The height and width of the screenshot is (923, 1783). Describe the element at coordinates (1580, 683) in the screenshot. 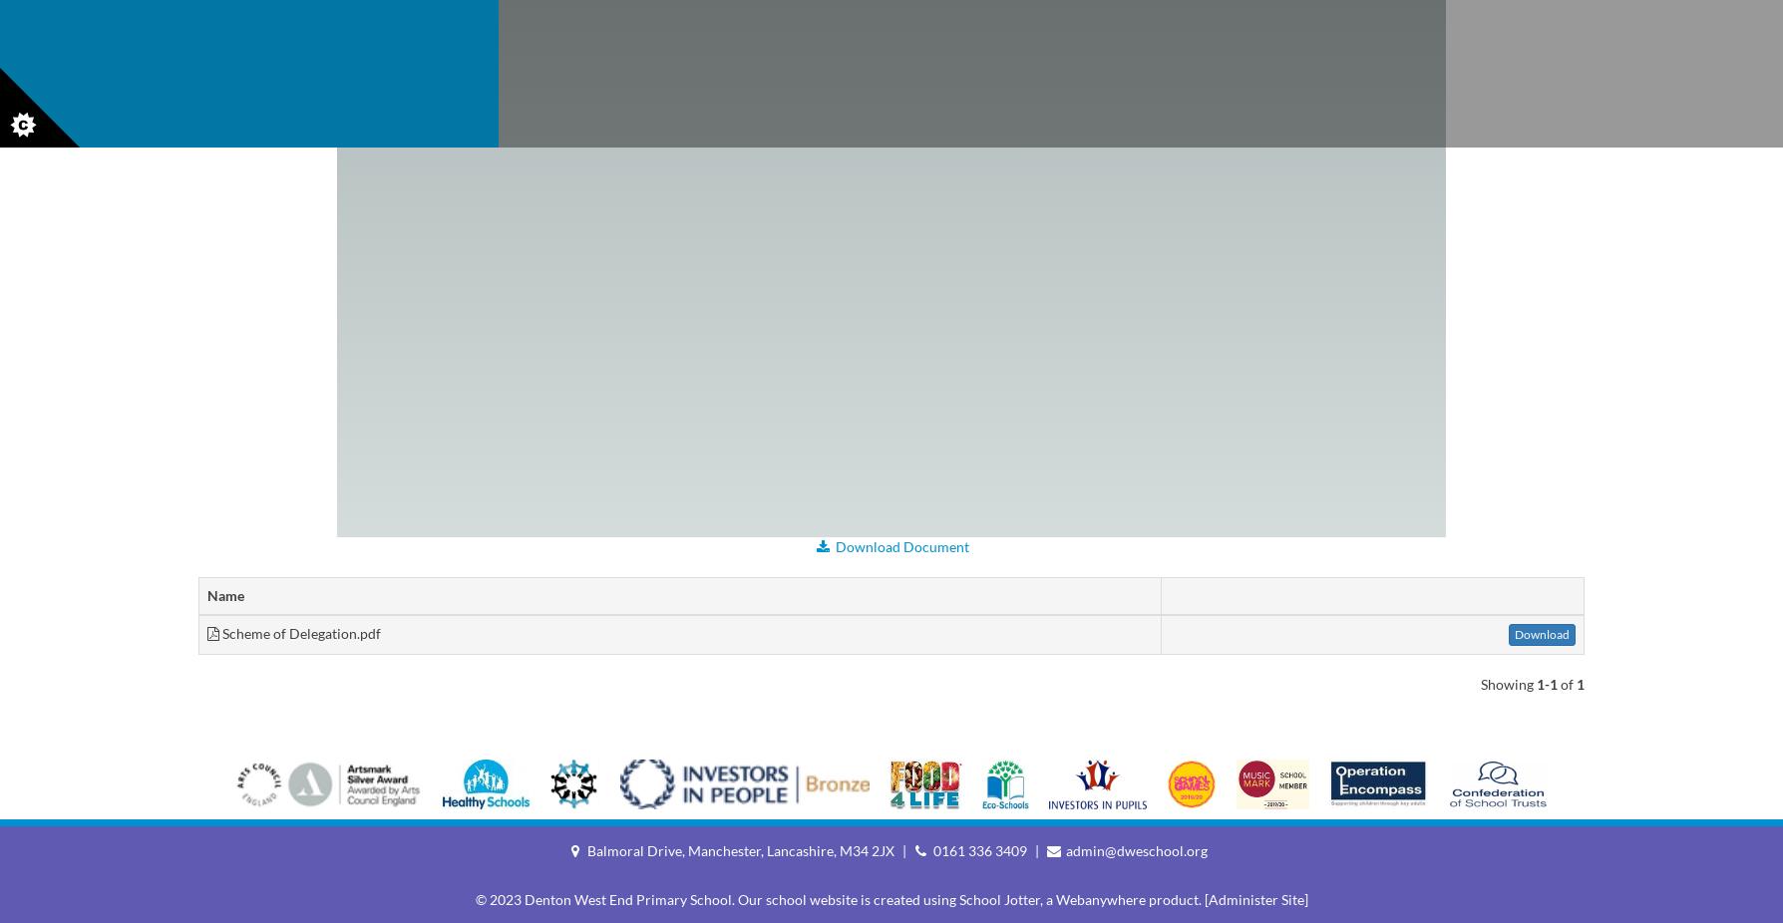

I see `'1'` at that location.